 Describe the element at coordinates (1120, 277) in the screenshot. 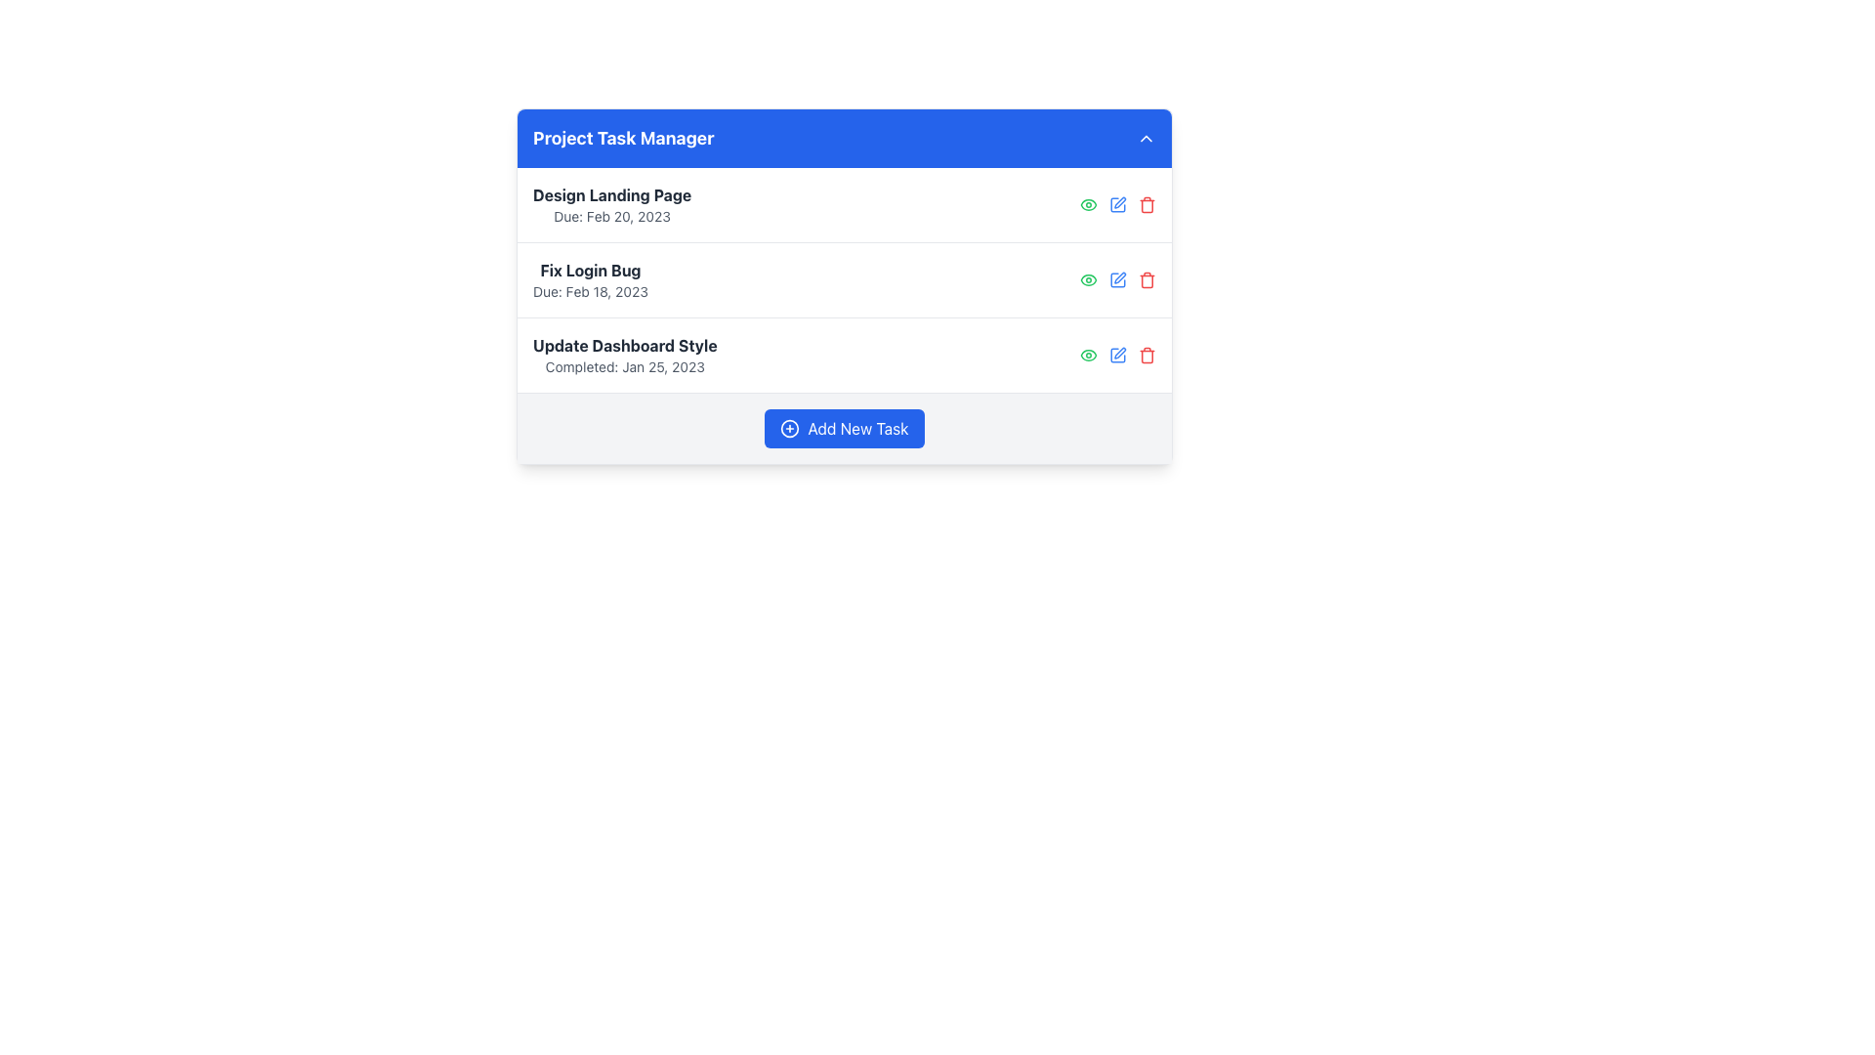

I see `the Icon (Edit) located as the second from the right among the action icons of the second task in the vertical task list to initiate editing` at that location.